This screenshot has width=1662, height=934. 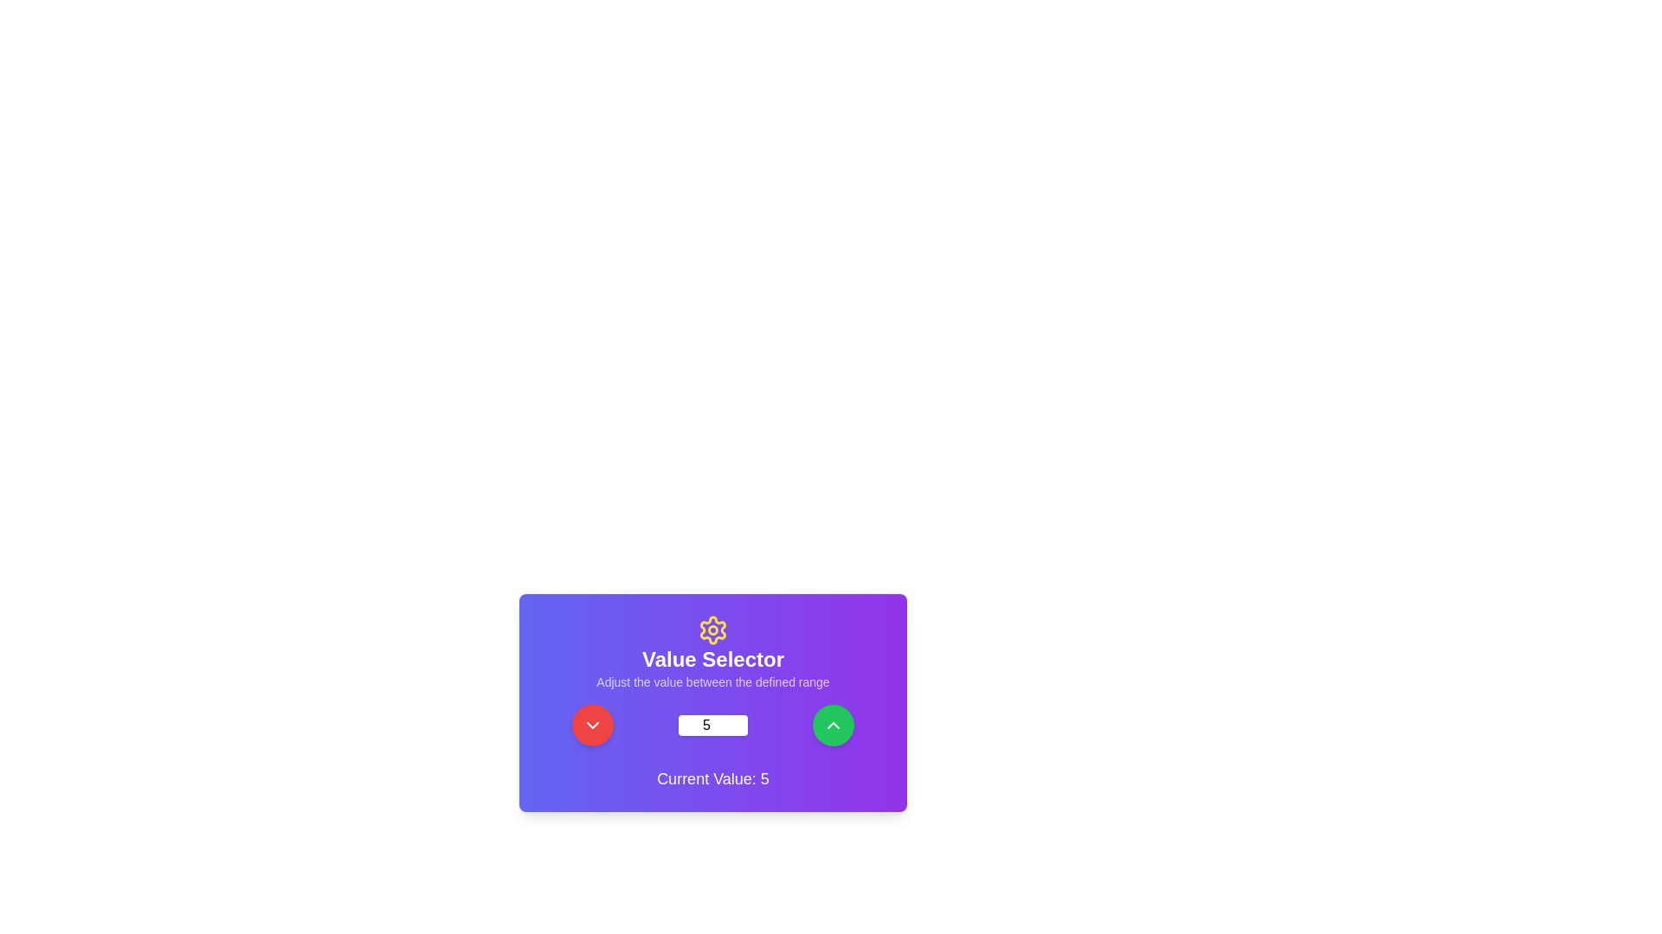 What do you see at coordinates (593, 726) in the screenshot?
I see `the red circular button icon located on the left side of the 'Value Selector' interface` at bounding box center [593, 726].